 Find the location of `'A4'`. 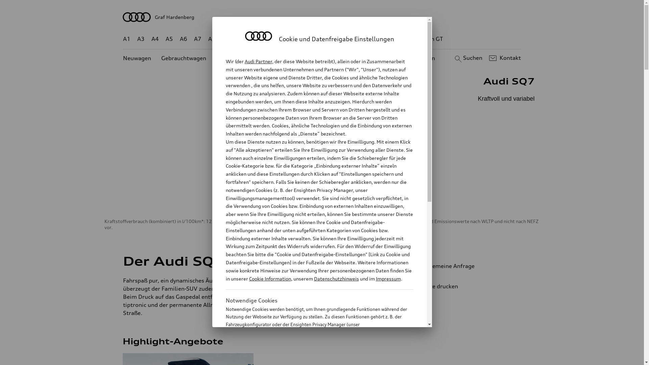

'A4' is located at coordinates (151, 39).